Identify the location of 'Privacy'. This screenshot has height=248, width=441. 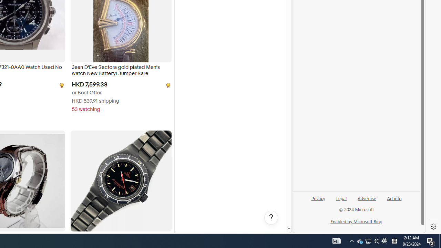
(318, 201).